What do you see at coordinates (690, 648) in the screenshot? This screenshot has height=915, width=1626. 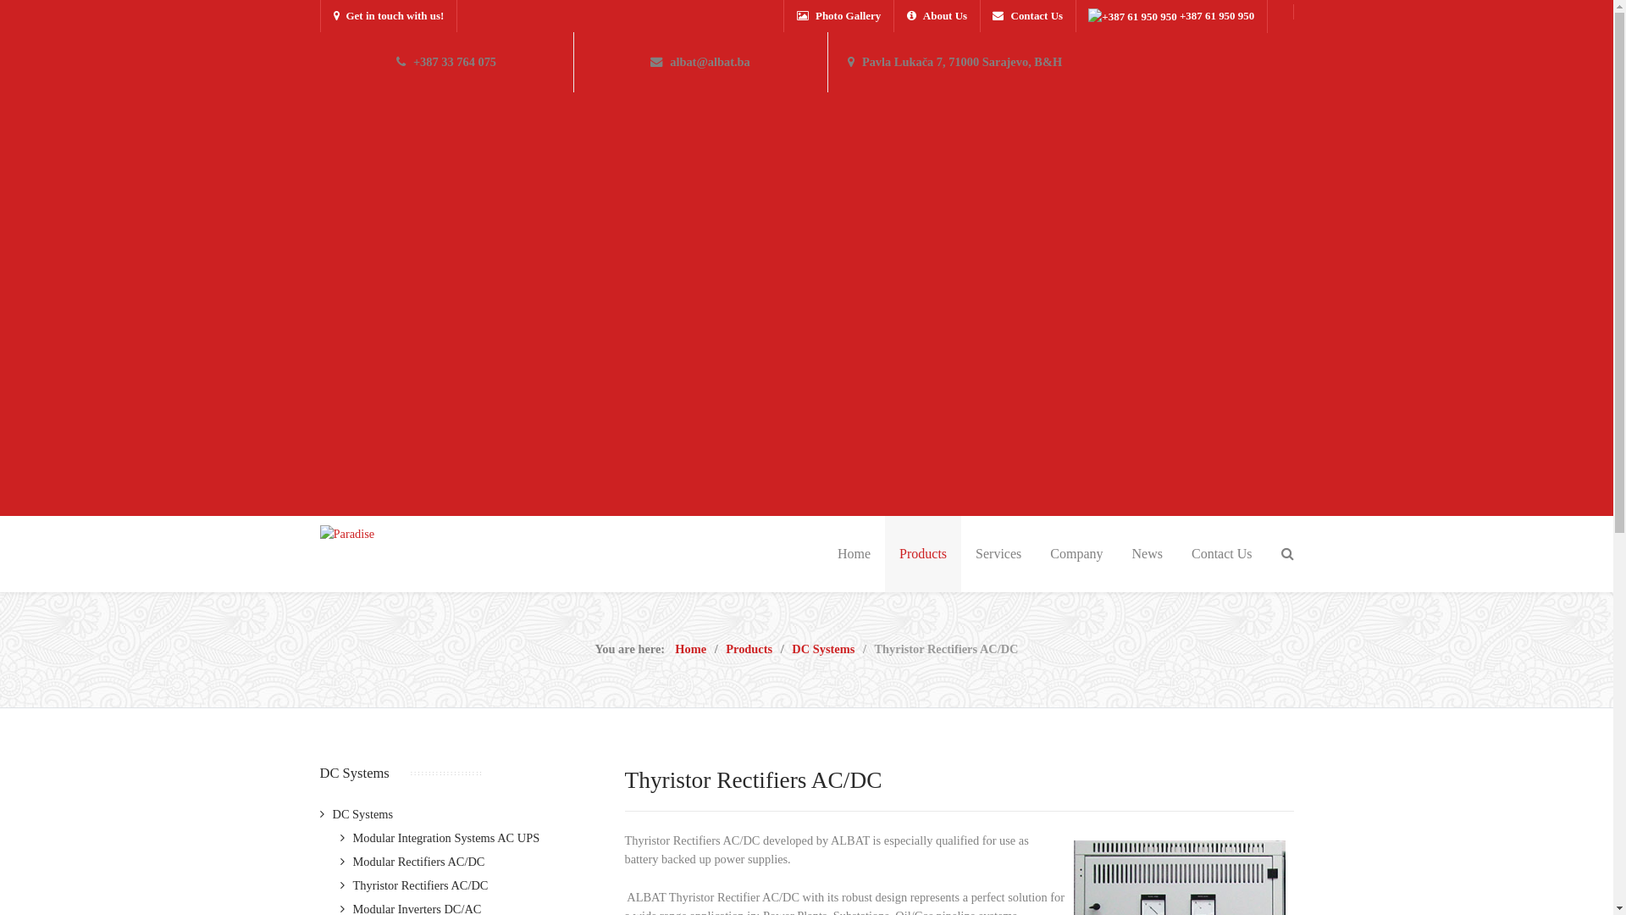 I see `'Home'` at bounding box center [690, 648].